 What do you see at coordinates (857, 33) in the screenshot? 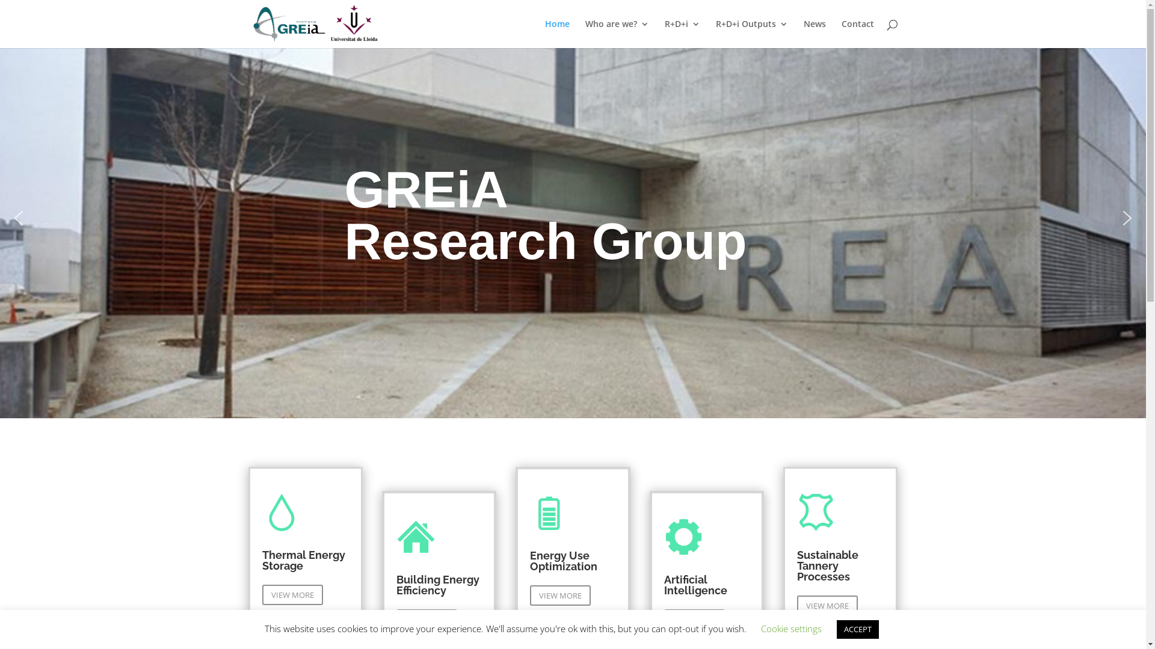
I see `'Contact'` at bounding box center [857, 33].